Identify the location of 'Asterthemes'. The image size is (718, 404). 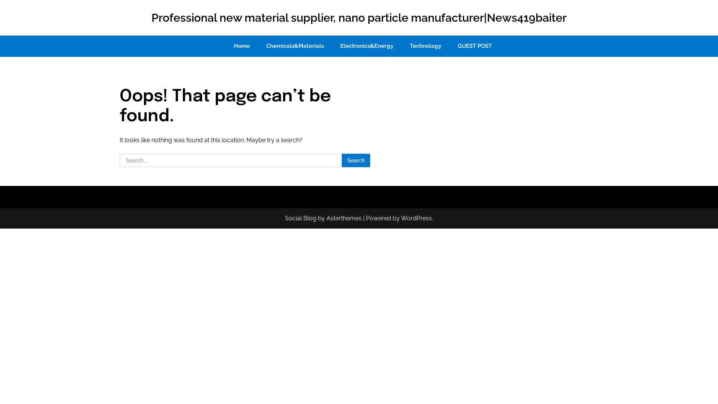
(344, 218).